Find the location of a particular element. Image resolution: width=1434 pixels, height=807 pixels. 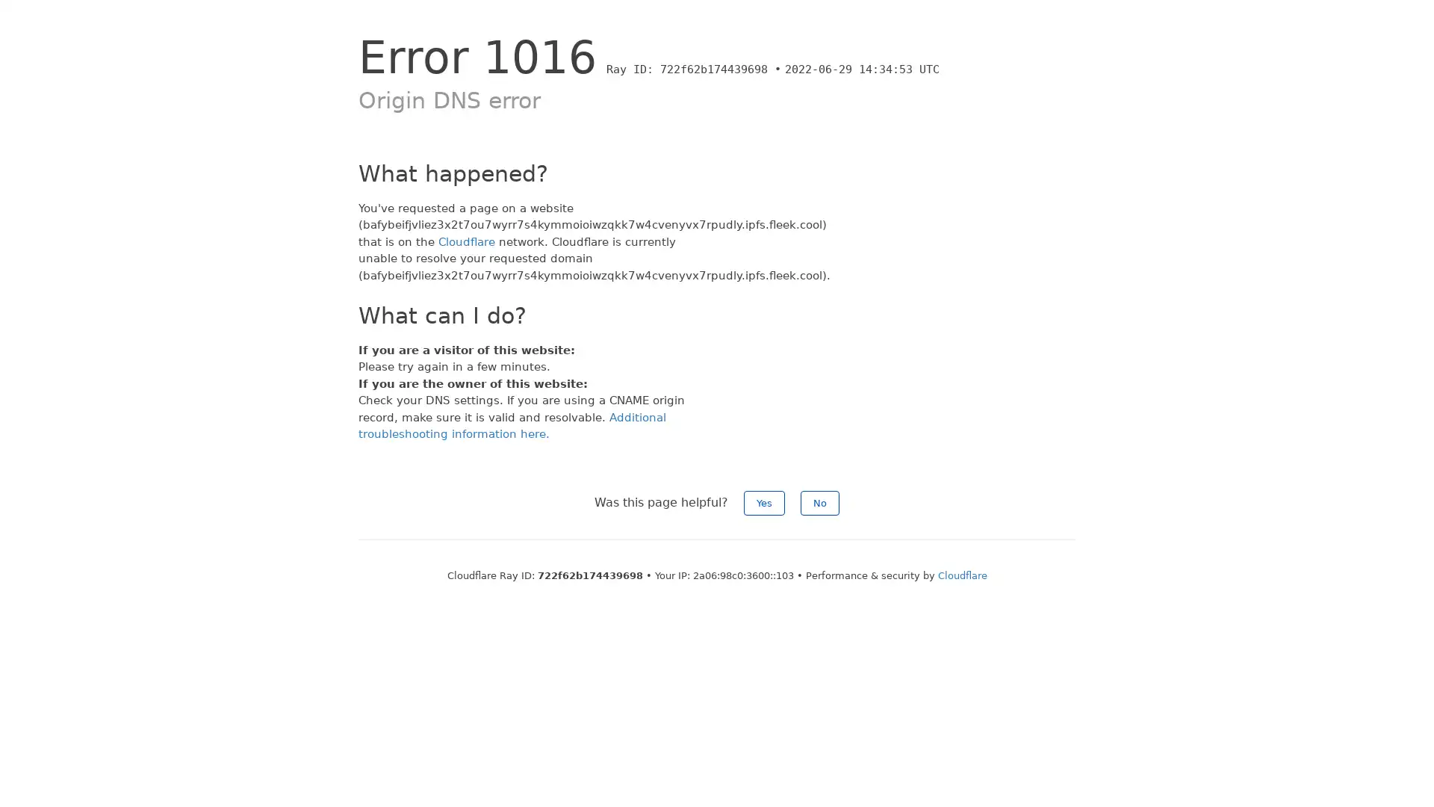

No is located at coordinates (819, 502).